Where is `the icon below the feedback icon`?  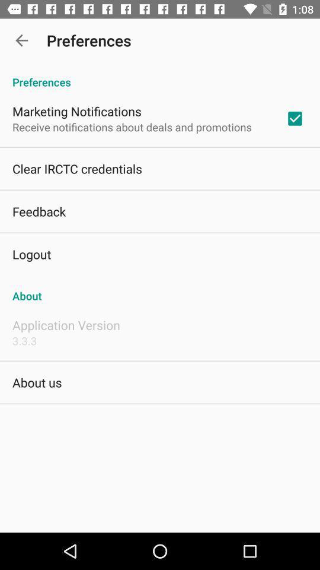 the icon below the feedback icon is located at coordinates (31, 254).